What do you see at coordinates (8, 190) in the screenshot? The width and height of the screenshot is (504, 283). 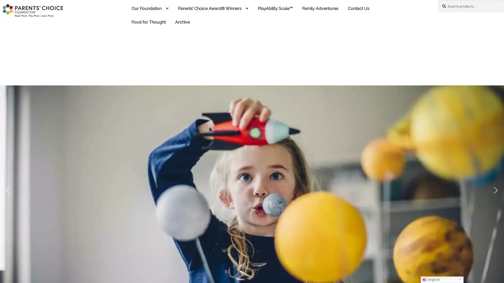 I see `previous arrow` at bounding box center [8, 190].